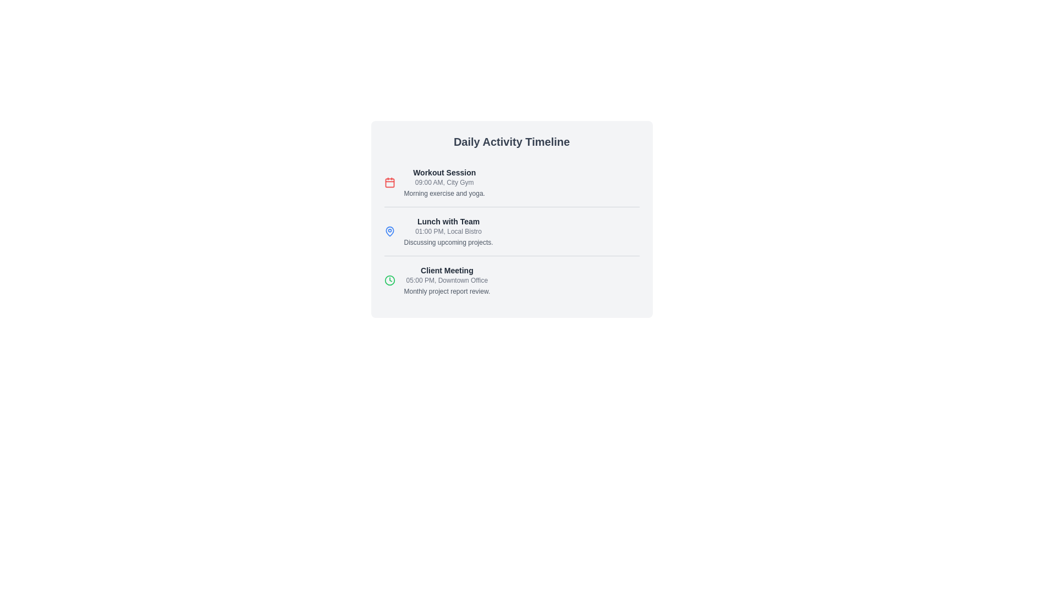 The height and width of the screenshot is (594, 1056). Describe the element at coordinates (447, 279) in the screenshot. I see `meeting details of the 'Client Meeting' event in the Daily Activity Timeline, which is the third item in the vertical list` at that location.